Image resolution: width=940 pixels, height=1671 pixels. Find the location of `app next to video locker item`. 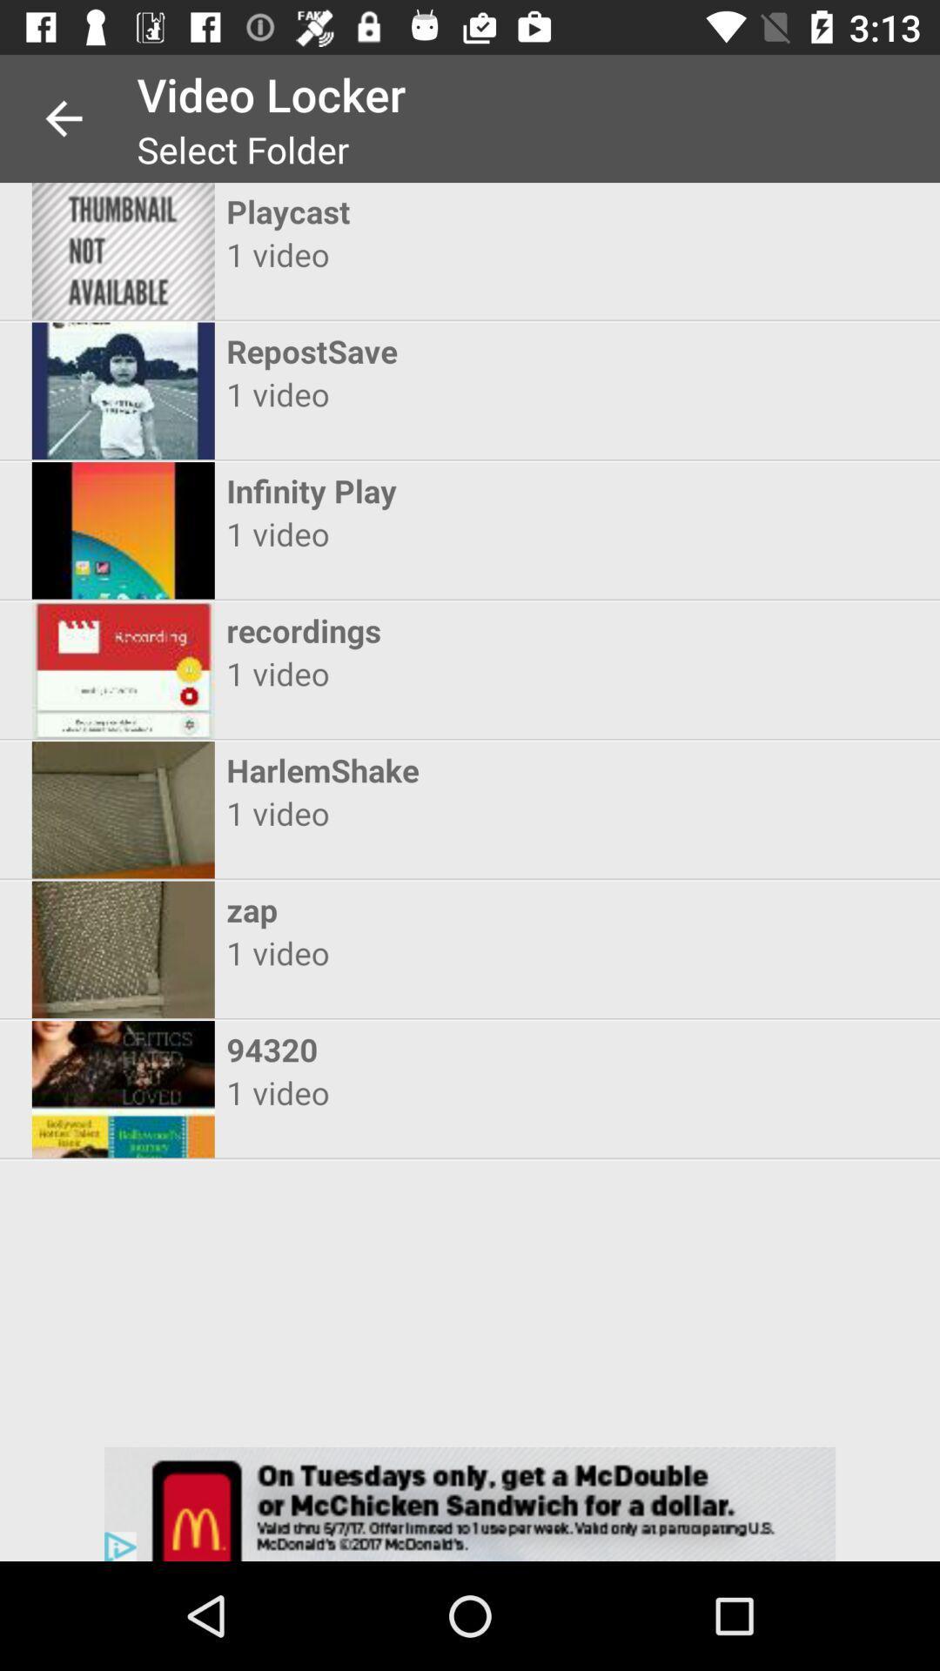

app next to video locker item is located at coordinates (63, 117).